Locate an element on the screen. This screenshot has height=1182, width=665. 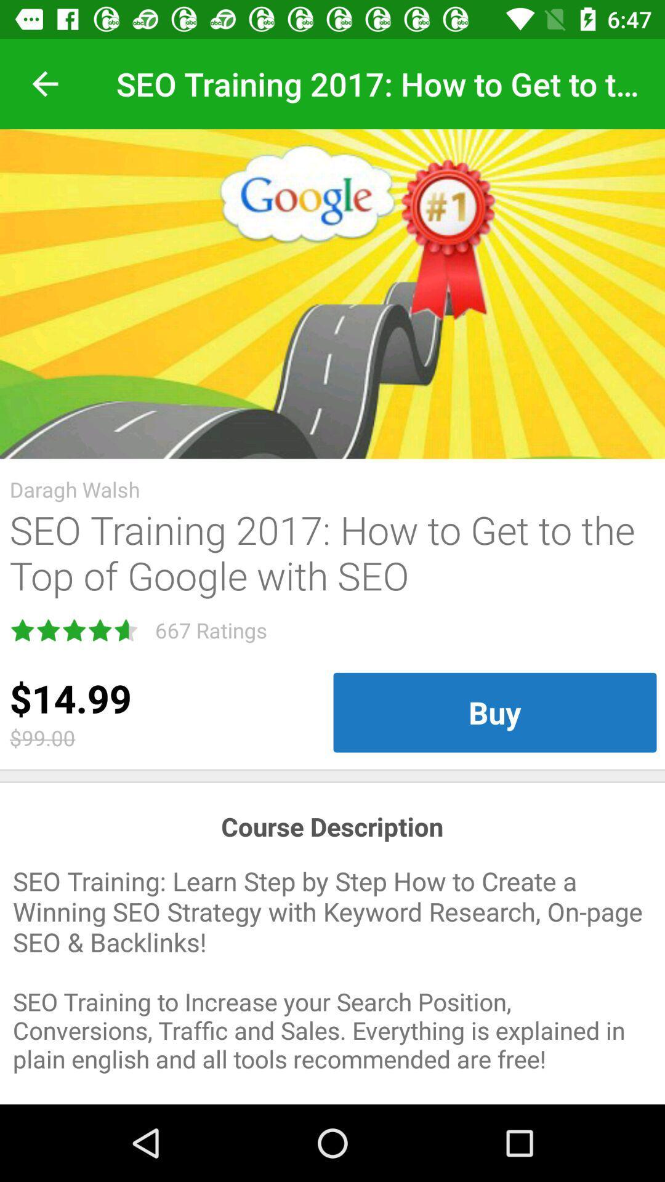
the buy item is located at coordinates (494, 712).